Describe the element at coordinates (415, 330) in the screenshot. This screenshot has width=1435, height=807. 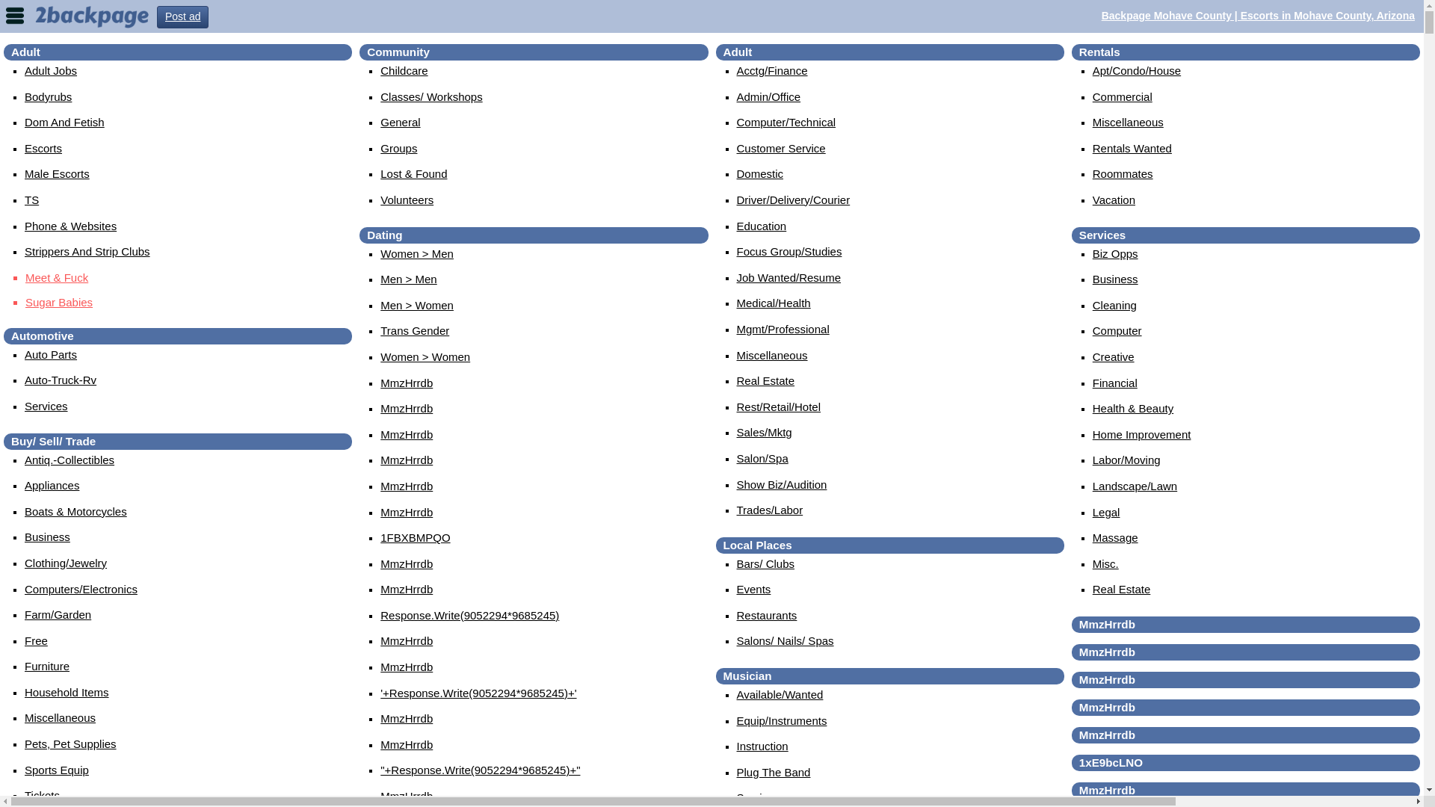
I see `'Trans Gender'` at that location.